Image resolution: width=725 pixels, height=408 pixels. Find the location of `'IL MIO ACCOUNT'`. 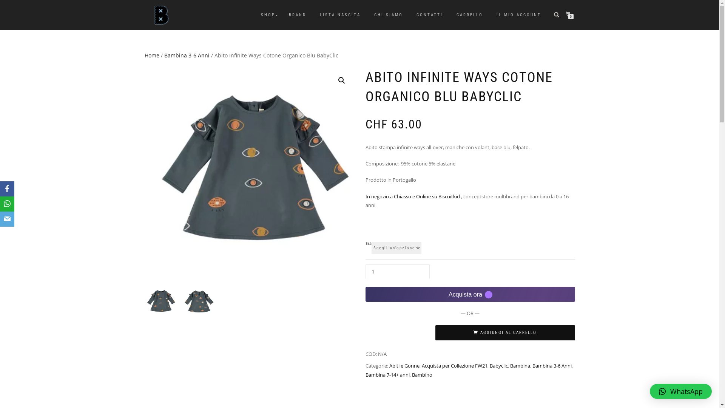

'IL MIO ACCOUNT' is located at coordinates (518, 15).